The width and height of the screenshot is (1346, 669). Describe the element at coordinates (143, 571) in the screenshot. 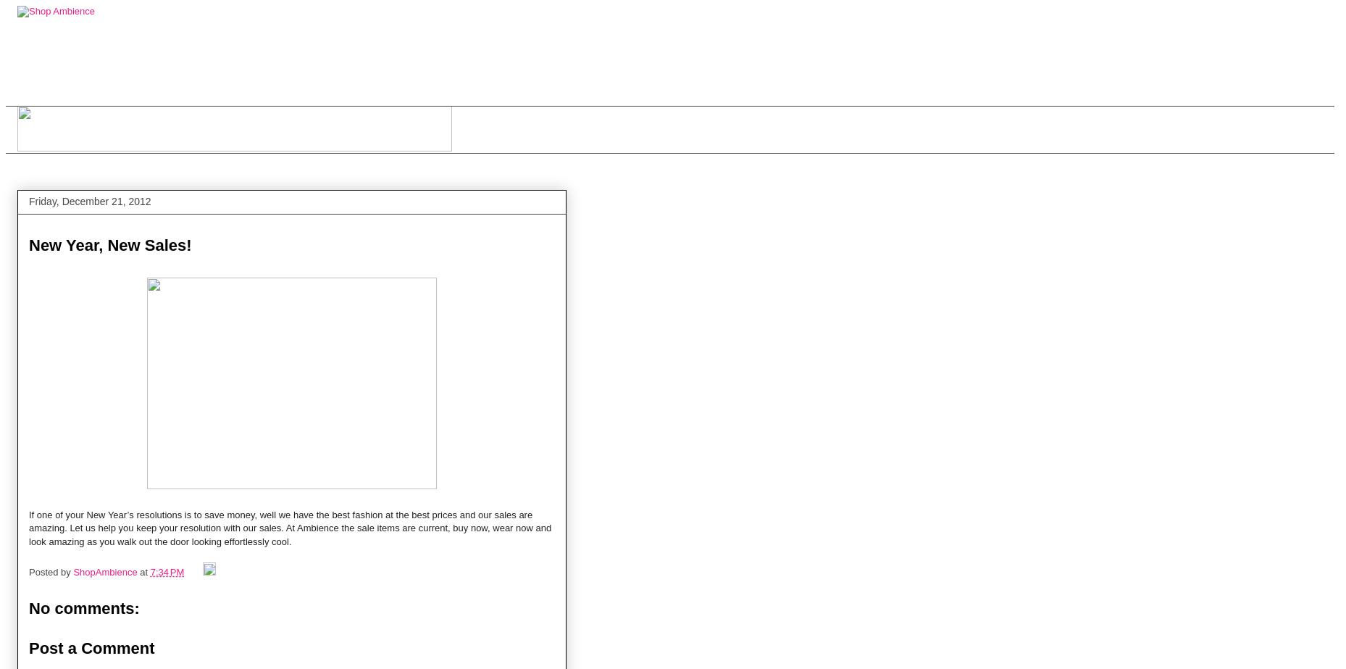

I see `'at'` at that location.